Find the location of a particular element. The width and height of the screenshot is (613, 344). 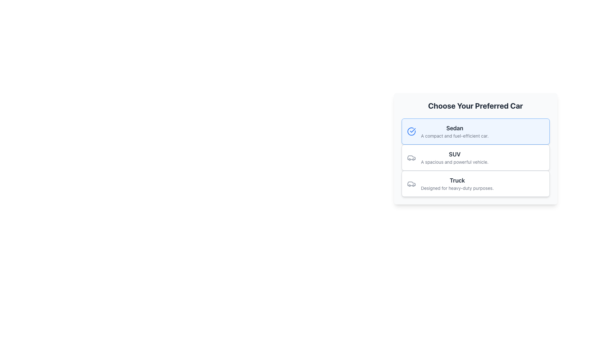

the bolded text label that describes the 'SUV' option, which is centrally located above the description and icon in the second option of the triplet list is located at coordinates (454, 154).